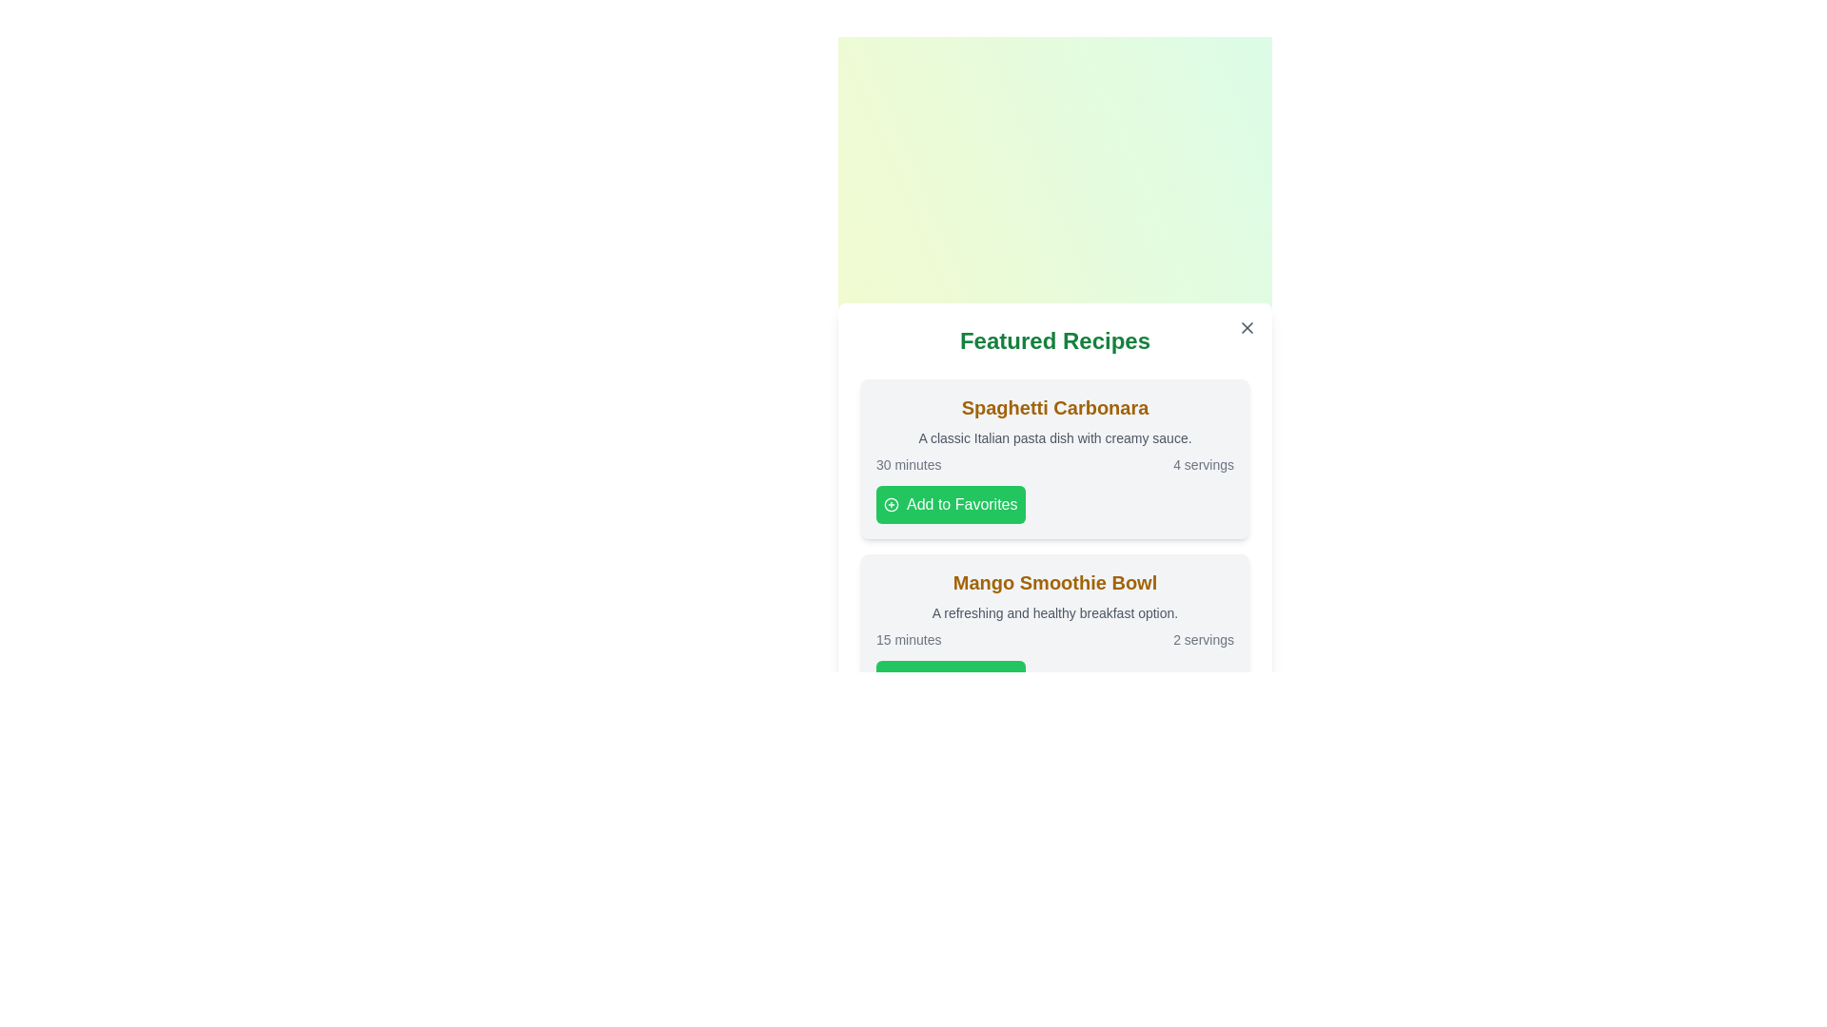  I want to click on the text label that describes the recipe 'Spaghetti Carbonara', which reads 'A classic Italian pasta dish with creamy sauce.', so click(1053, 438).